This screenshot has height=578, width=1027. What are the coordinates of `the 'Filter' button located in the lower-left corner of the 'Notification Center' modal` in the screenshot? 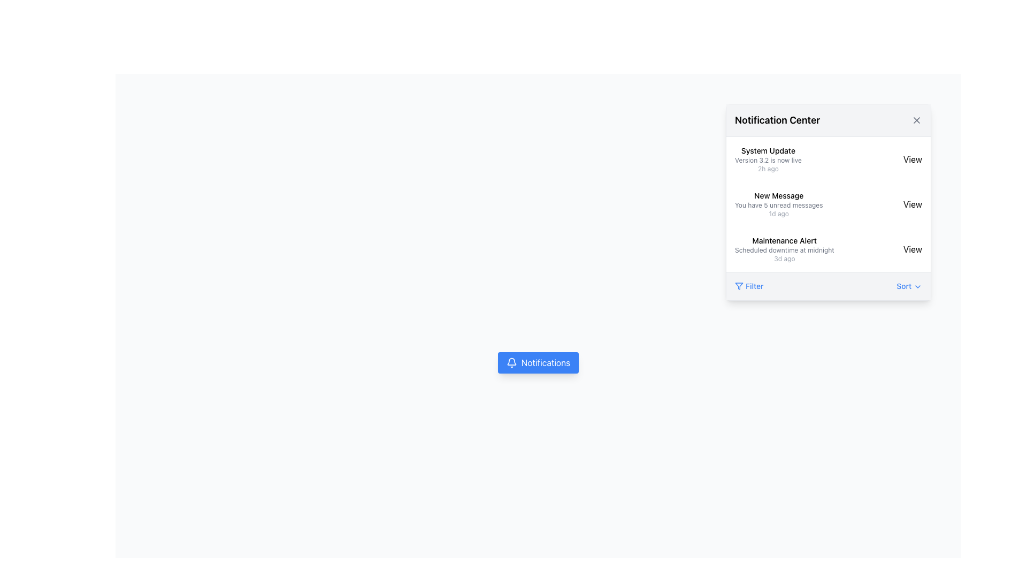 It's located at (748, 286).